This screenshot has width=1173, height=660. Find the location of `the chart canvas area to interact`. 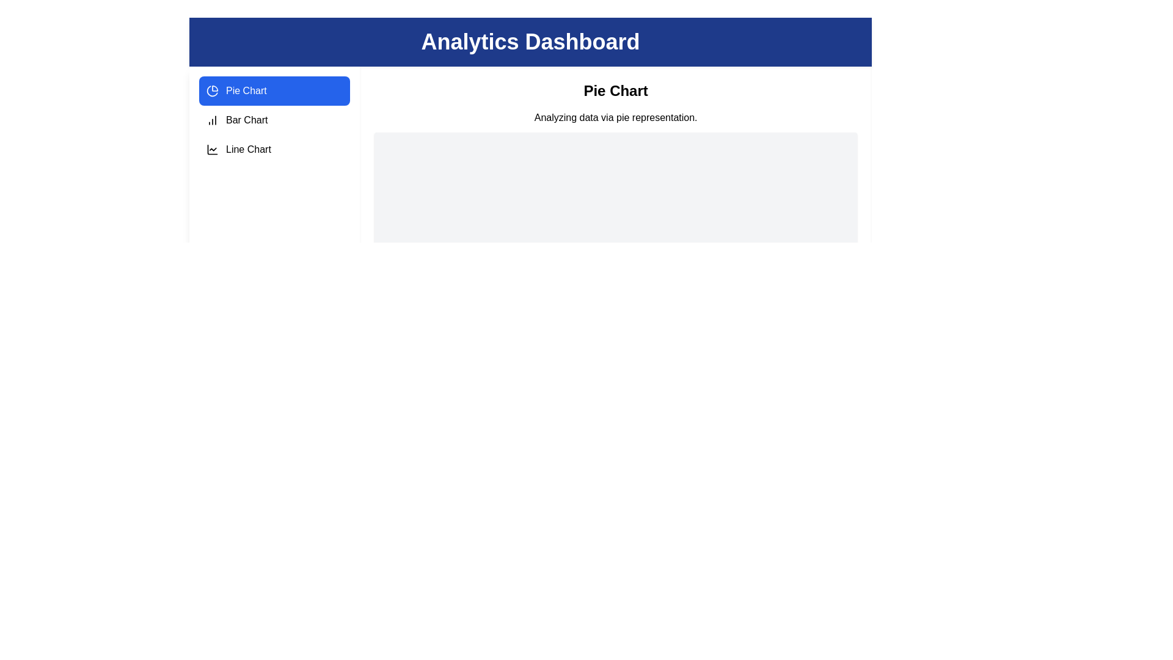

the chart canvas area to interact is located at coordinates (616, 210).